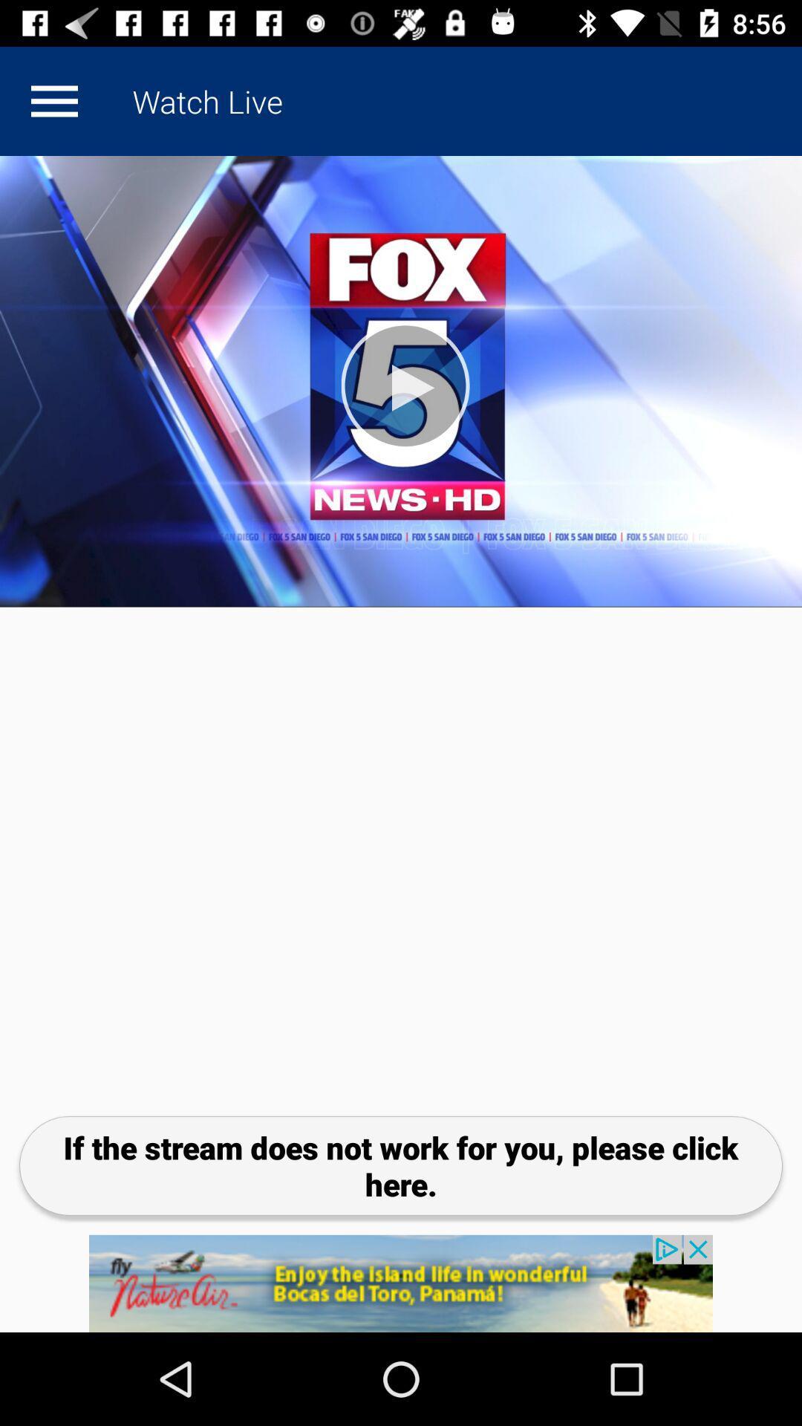 This screenshot has width=802, height=1426. Describe the element at coordinates (53, 100) in the screenshot. I see `home page` at that location.